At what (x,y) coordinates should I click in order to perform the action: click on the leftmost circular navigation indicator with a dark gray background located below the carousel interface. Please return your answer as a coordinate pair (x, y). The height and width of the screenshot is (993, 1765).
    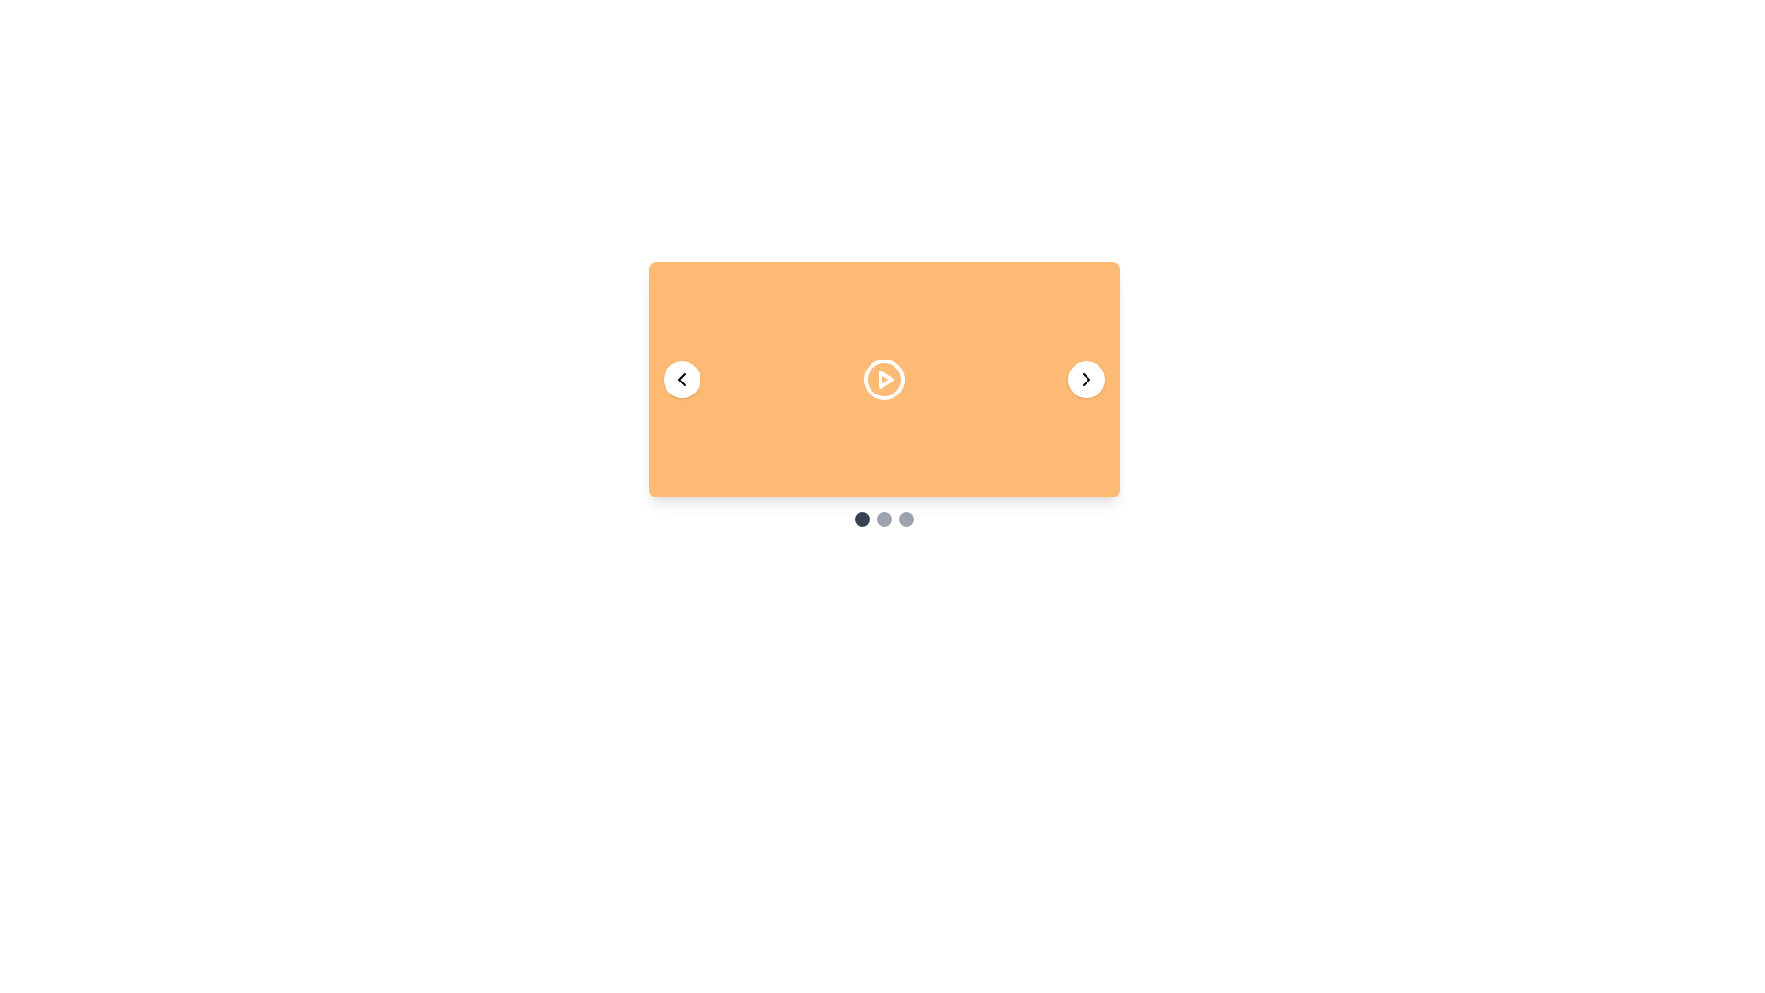
    Looking at the image, I should click on (860, 519).